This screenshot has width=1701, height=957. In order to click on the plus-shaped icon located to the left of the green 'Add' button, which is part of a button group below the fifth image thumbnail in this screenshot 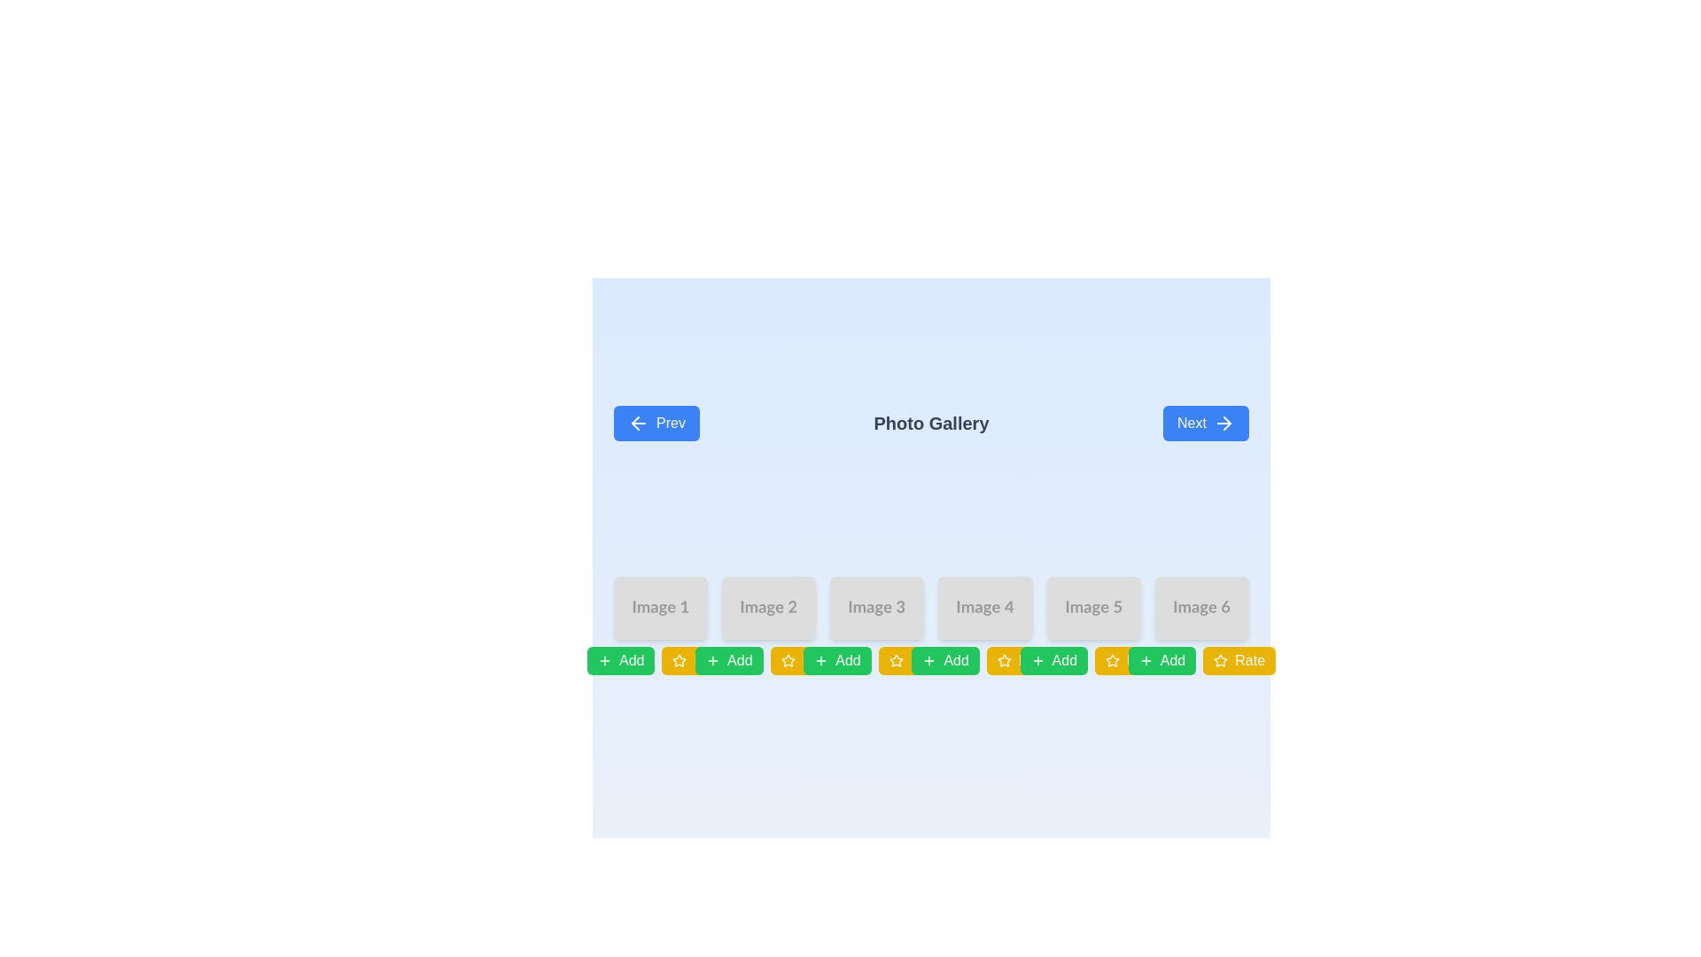, I will do `click(1146, 660)`.